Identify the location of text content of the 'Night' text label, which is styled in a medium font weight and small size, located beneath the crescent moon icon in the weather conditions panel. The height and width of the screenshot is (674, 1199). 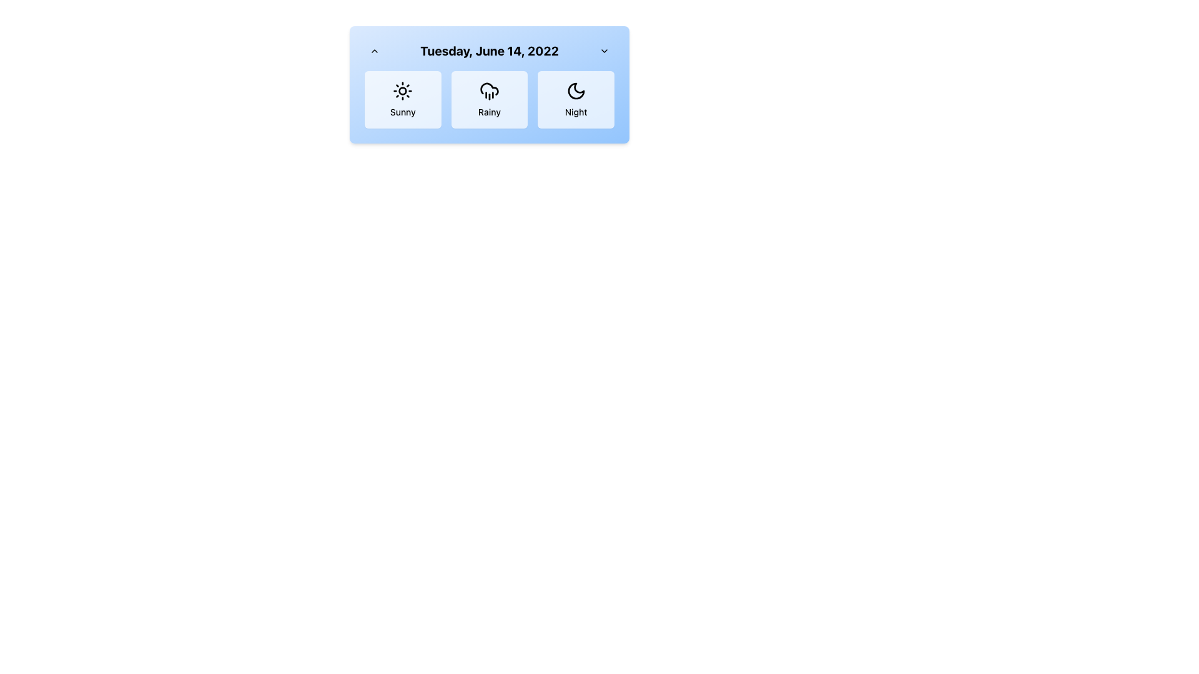
(575, 112).